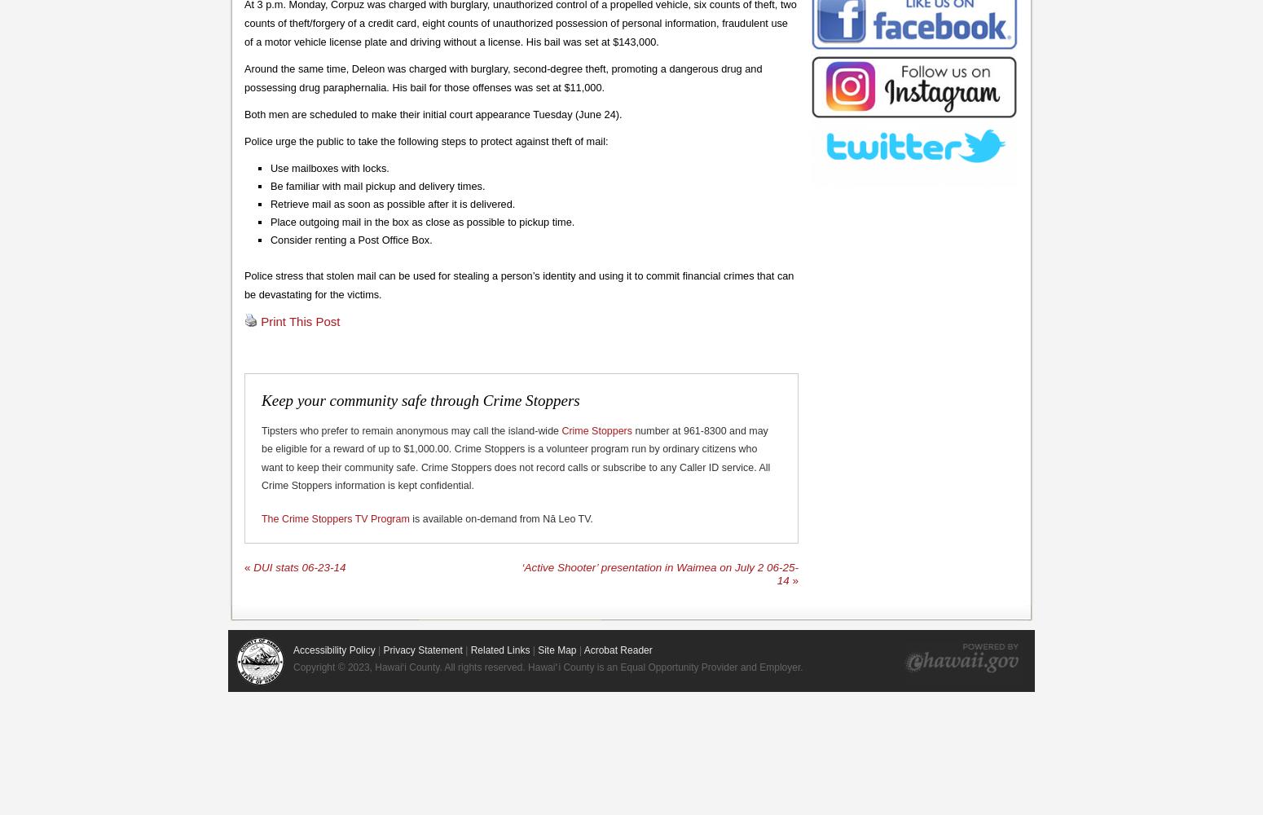 The width and height of the screenshot is (1263, 815). What do you see at coordinates (503, 77) in the screenshot?
I see `'Around the same time, Deleon was charged with burglary, second-degree theft, promoting a dangerous drug and possessing drug paraphernalia. His bail for those offenses was set at $11,000.'` at bounding box center [503, 77].